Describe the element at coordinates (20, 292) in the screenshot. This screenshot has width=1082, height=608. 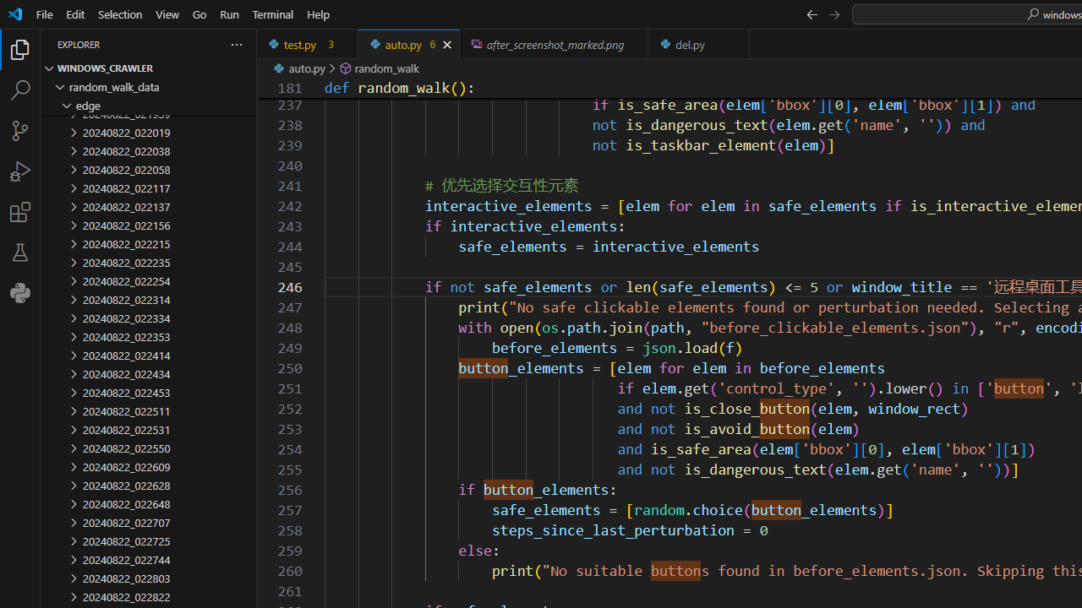
I see `'Python'` at that location.